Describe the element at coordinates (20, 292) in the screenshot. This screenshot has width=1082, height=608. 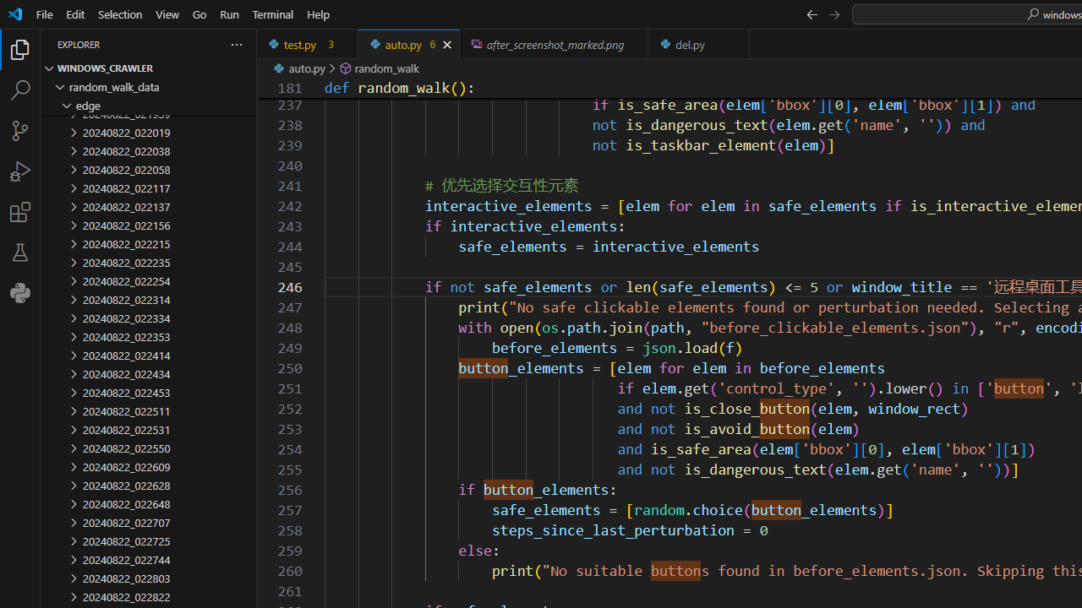
I see `'Python'` at that location.